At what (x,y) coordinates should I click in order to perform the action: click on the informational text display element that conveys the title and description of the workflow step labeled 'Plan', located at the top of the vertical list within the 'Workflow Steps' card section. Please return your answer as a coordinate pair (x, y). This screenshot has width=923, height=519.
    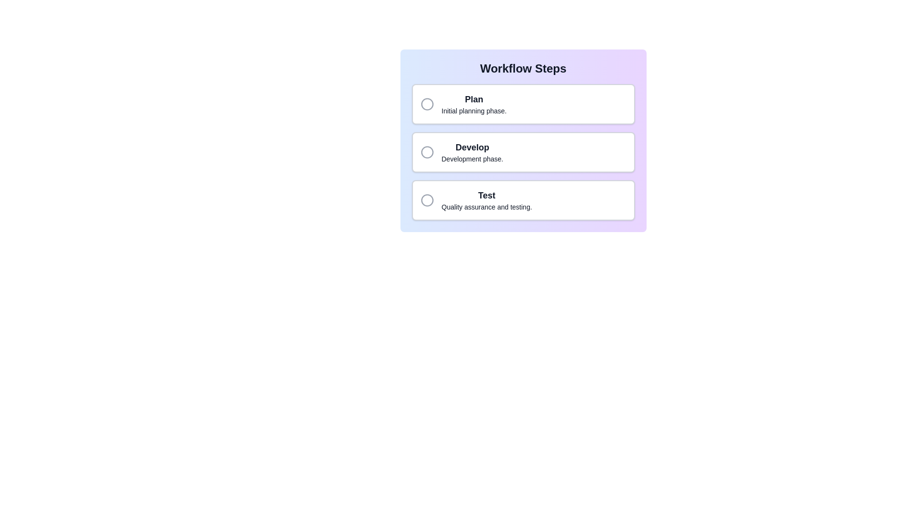
    Looking at the image, I should click on (474, 104).